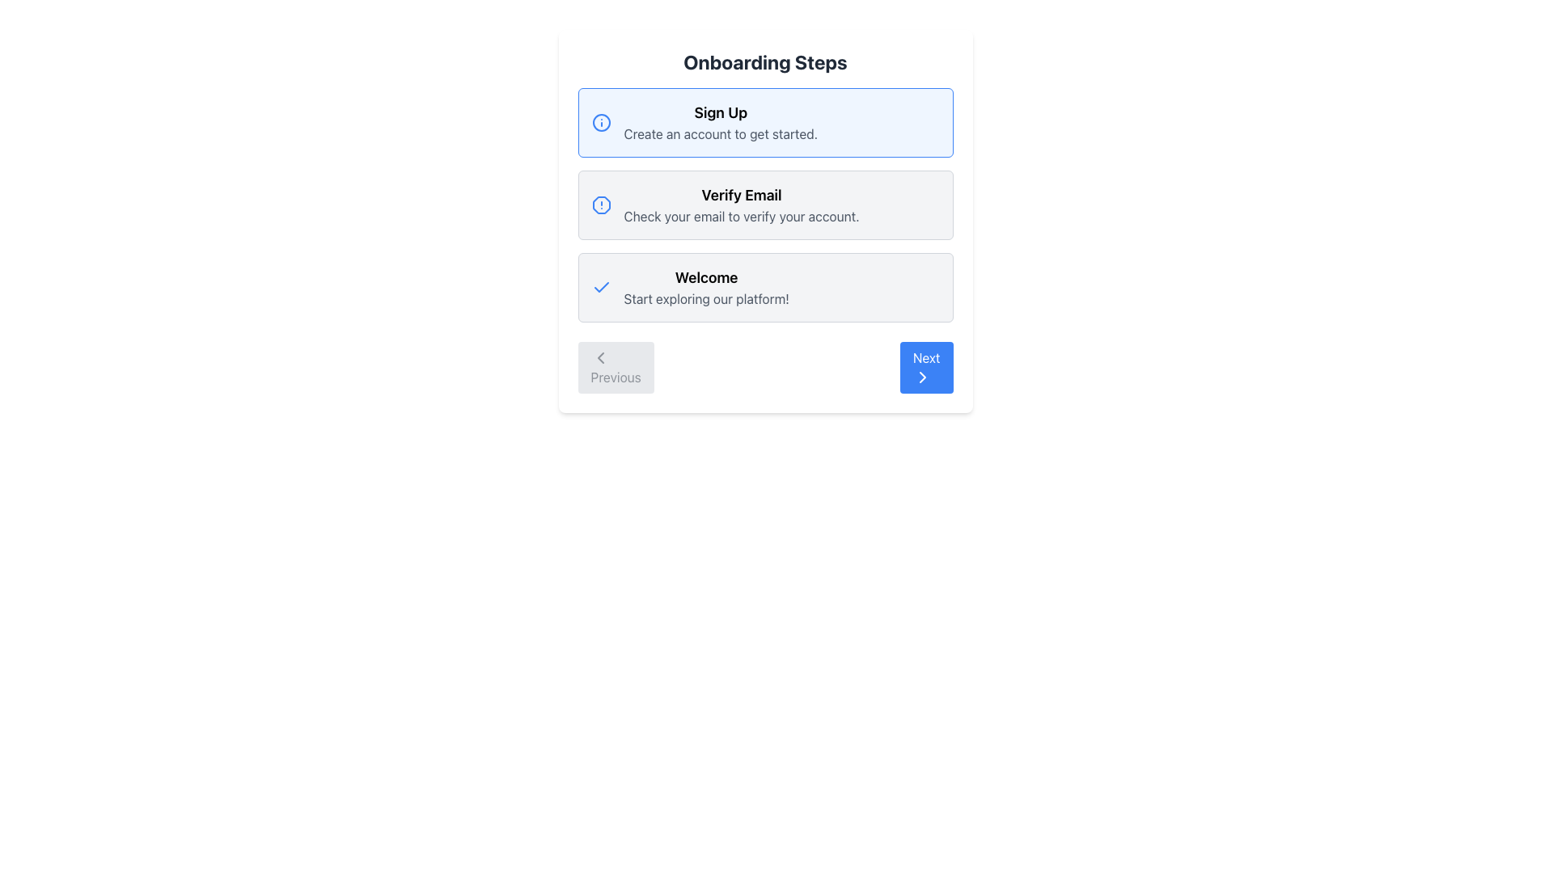 This screenshot has width=1553, height=873. I want to click on the text header that reads 'Onboarding Steps', which is bold and large, located at the top of the white card-like section, so click(764, 61).